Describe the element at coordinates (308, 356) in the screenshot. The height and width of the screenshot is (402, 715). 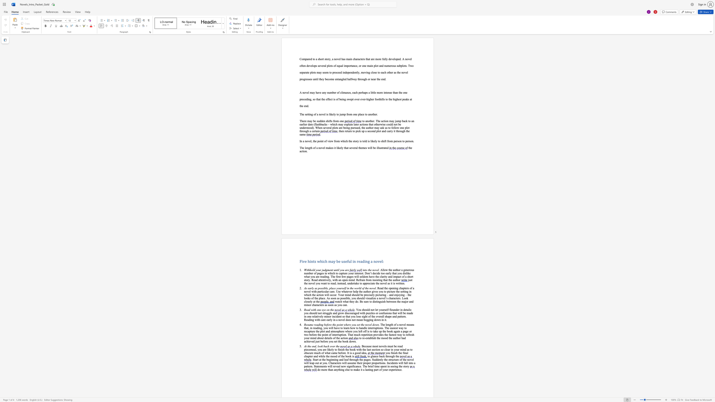
I see `the subset text "pt" within the text "final chapter"` at that location.